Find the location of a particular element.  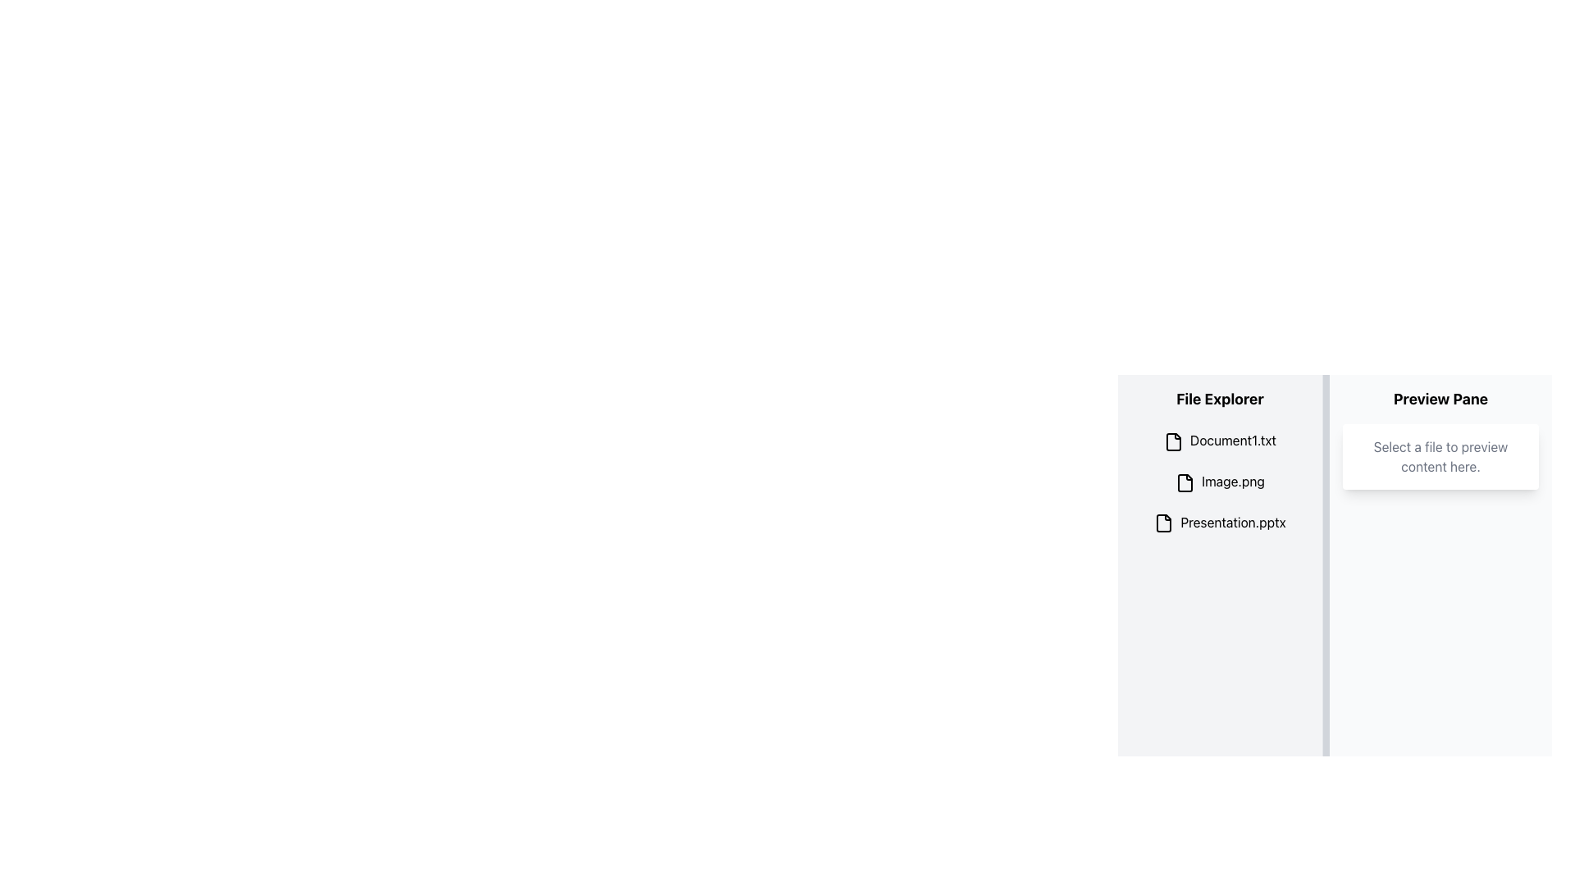

the text entry displaying 'Image.png' with the file icon is located at coordinates (1220, 481).